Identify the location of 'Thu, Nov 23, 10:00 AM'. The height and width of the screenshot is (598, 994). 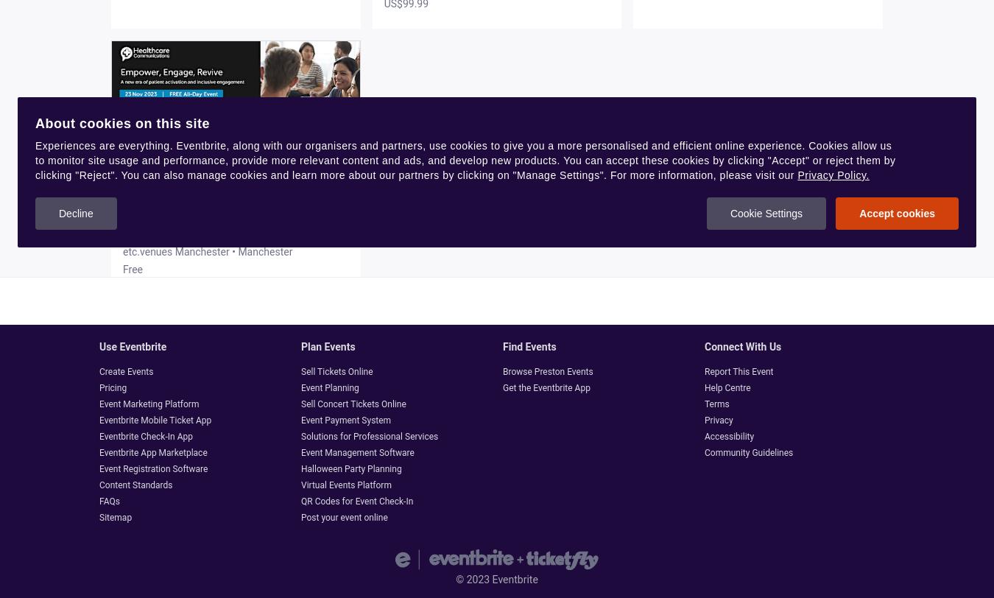
(175, 231).